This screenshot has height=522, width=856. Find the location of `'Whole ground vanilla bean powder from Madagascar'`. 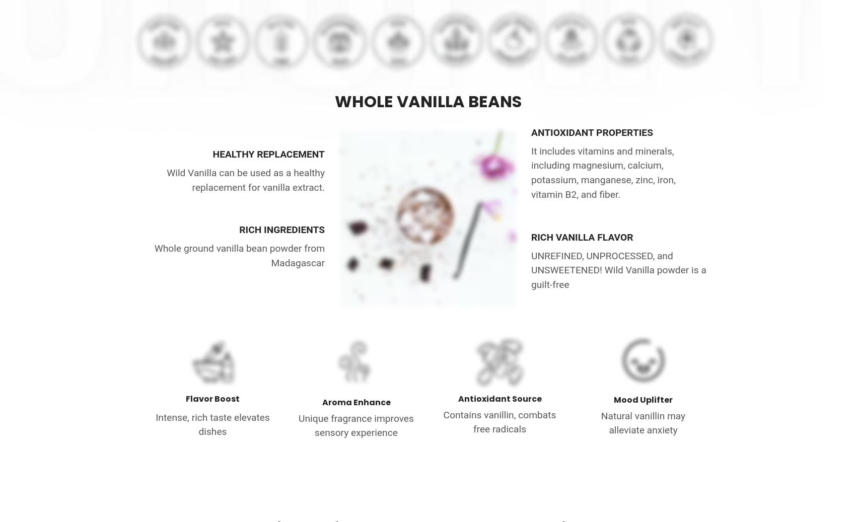

'Whole ground vanilla bean powder from Madagascar' is located at coordinates (239, 255).